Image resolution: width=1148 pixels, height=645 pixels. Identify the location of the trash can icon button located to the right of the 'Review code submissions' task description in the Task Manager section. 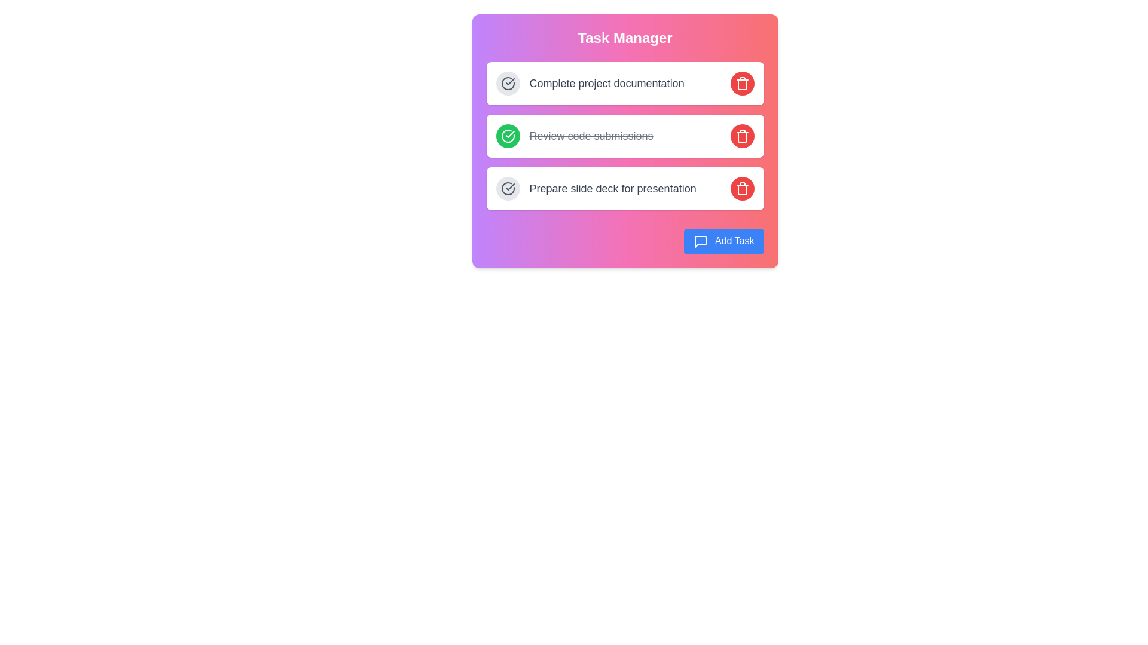
(741, 137).